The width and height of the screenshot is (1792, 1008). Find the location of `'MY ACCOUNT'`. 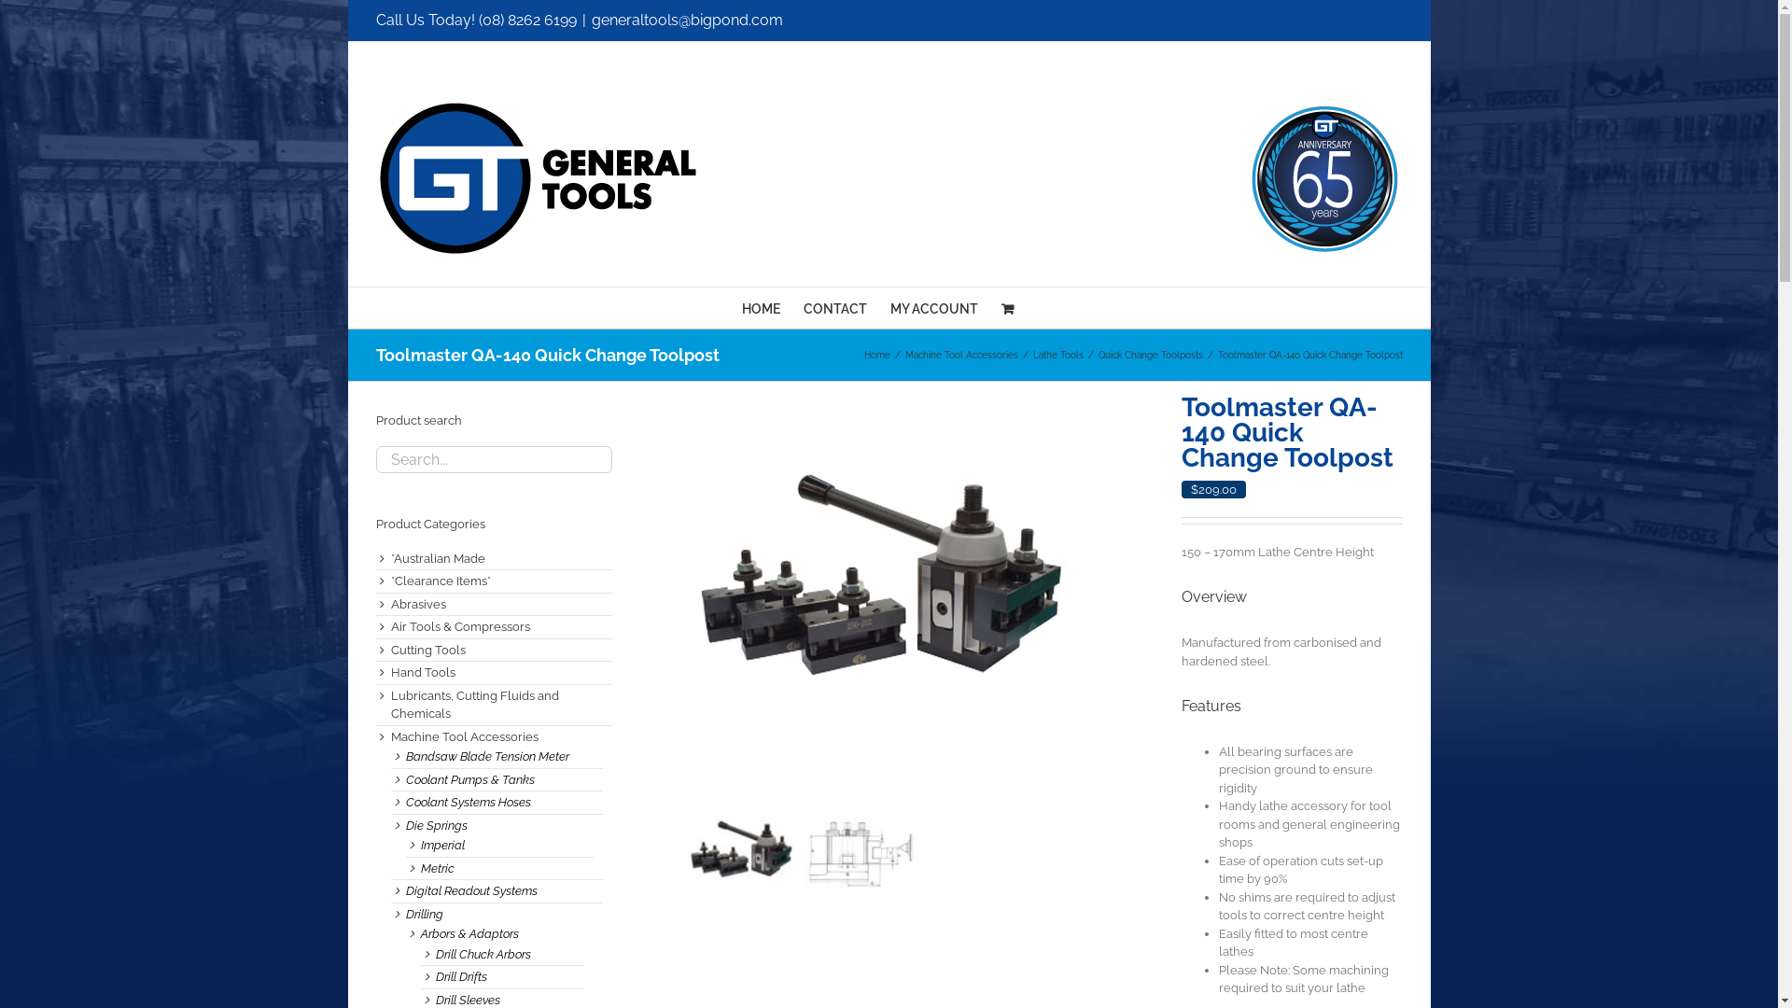

'MY ACCOUNT' is located at coordinates (934, 306).